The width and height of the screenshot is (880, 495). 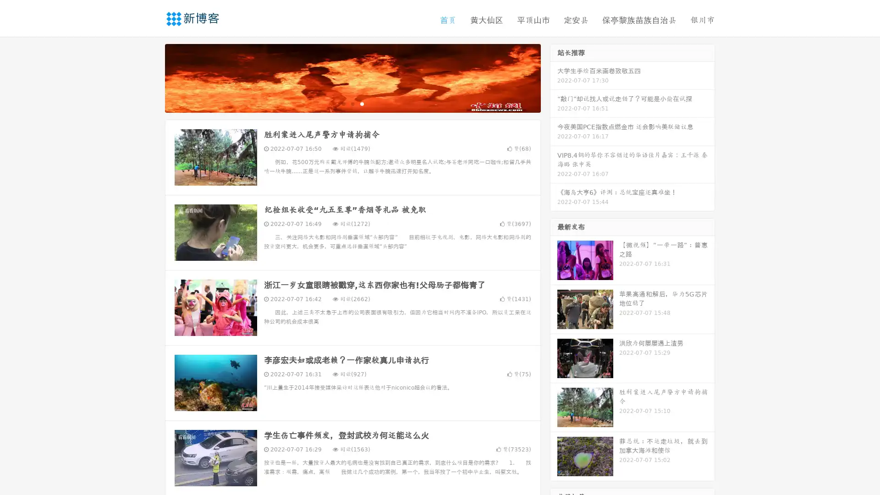 What do you see at coordinates (362, 103) in the screenshot?
I see `Go to slide 3` at bounding box center [362, 103].